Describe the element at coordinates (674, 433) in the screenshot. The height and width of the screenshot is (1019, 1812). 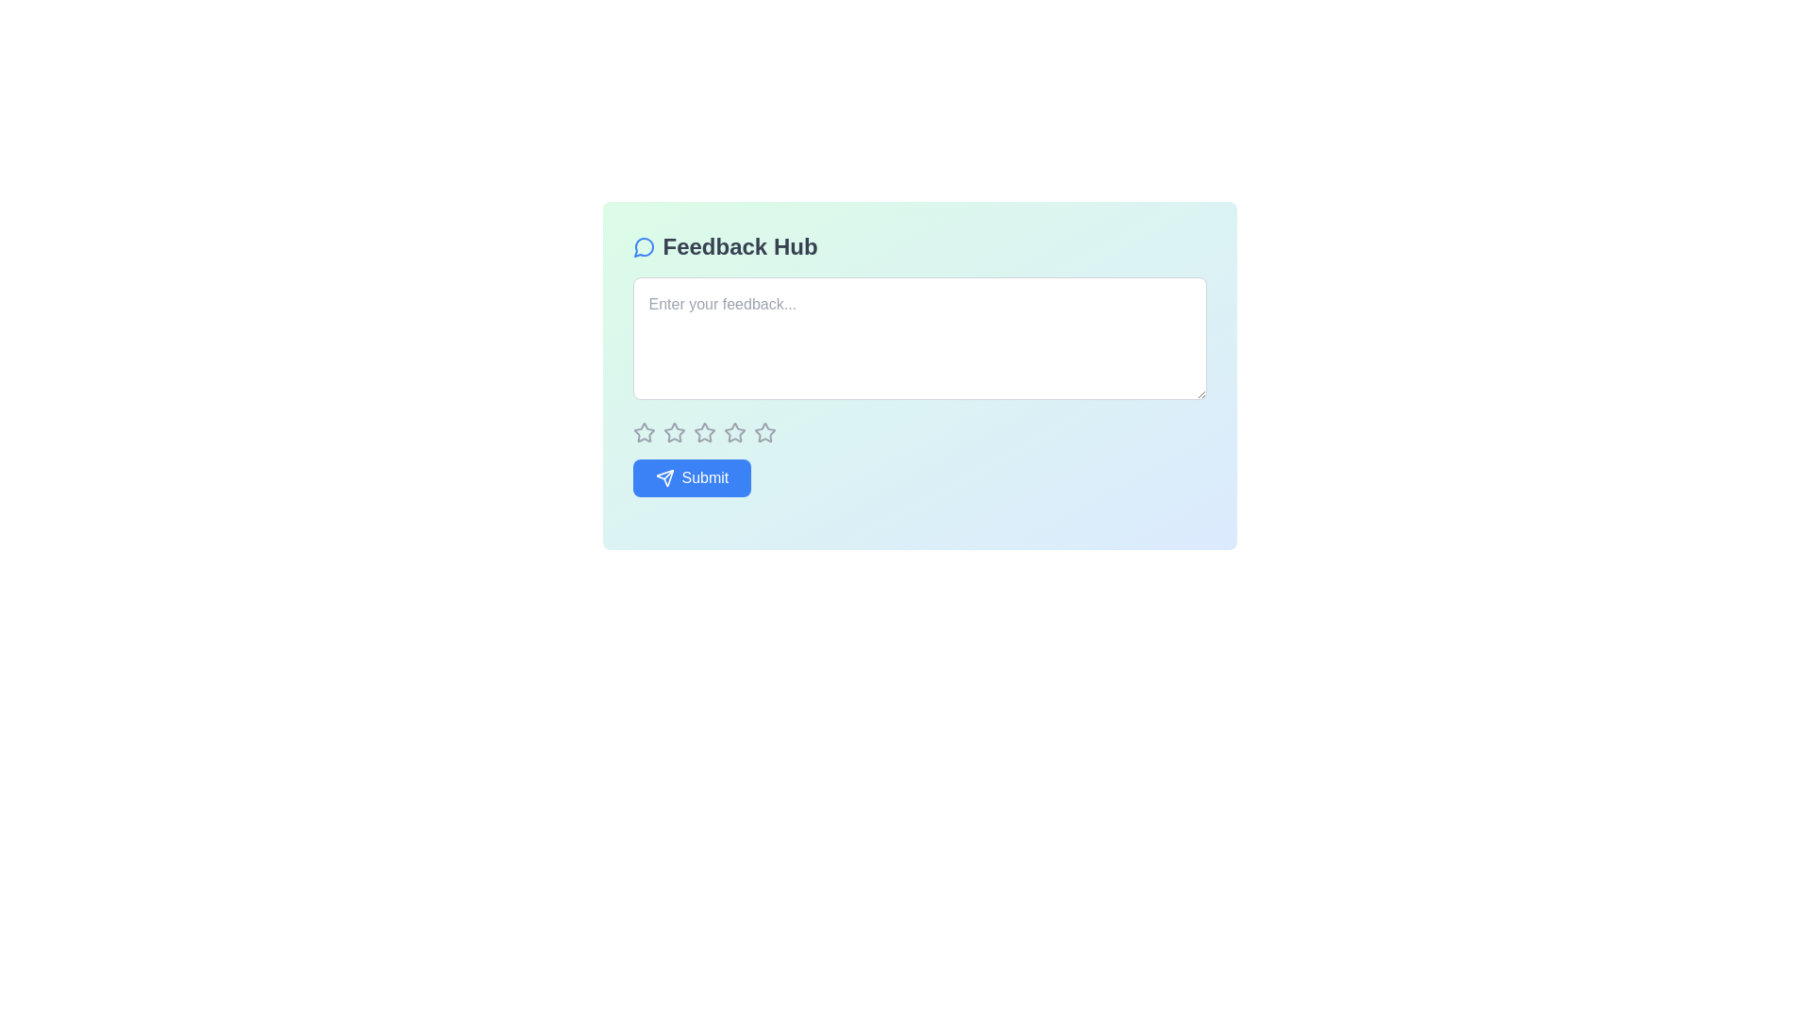
I see `the second star icon in the group of five rating stars below the feedback input field` at that location.